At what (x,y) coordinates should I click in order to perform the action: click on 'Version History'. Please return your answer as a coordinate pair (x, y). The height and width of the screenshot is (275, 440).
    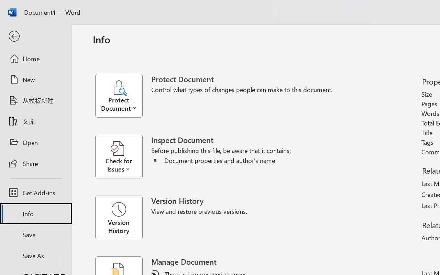
    Looking at the image, I should click on (119, 217).